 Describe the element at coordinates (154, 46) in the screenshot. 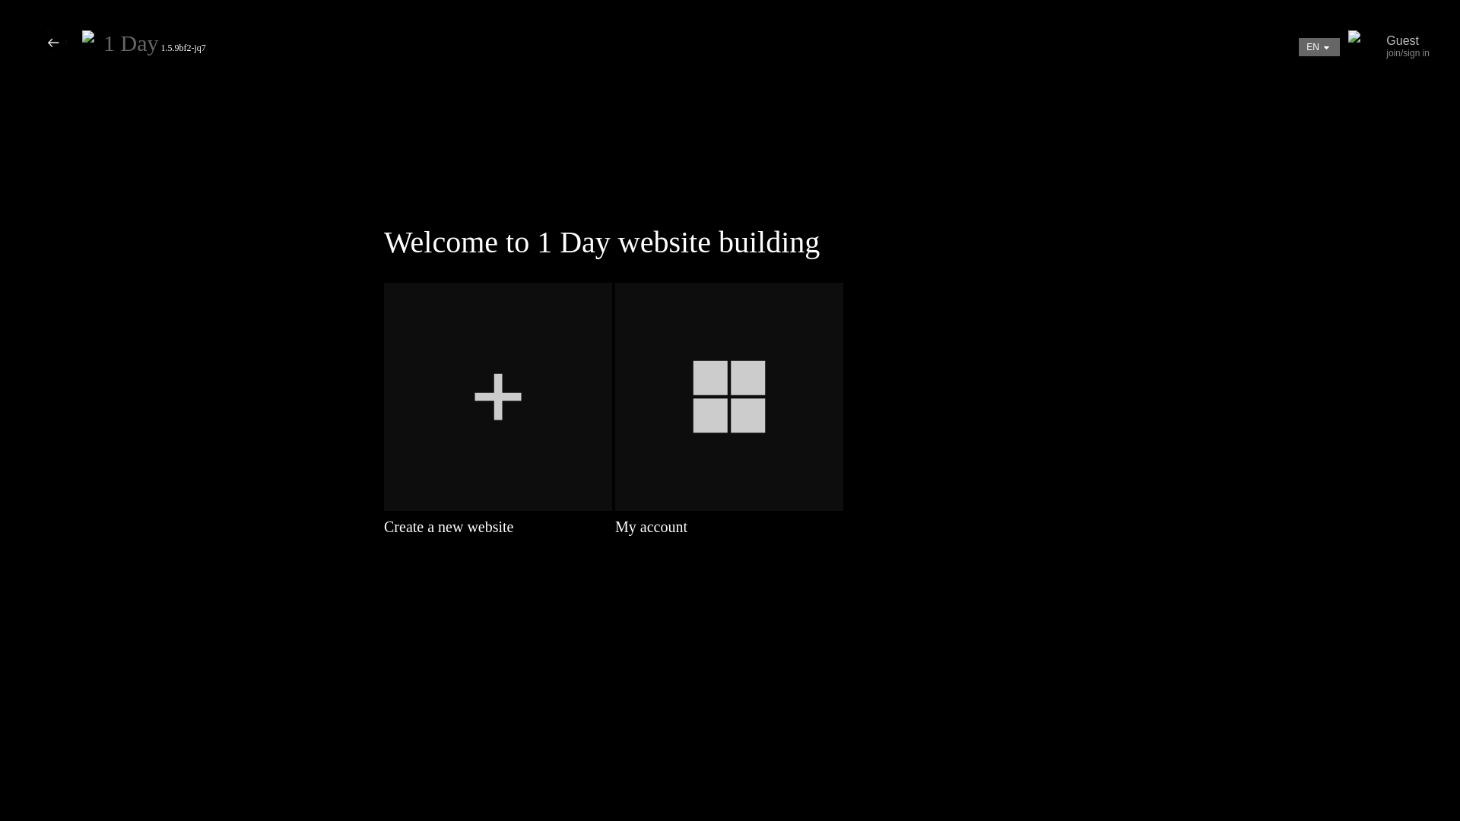

I see `'1 Day 1.5.9bf2-jq7'` at that location.